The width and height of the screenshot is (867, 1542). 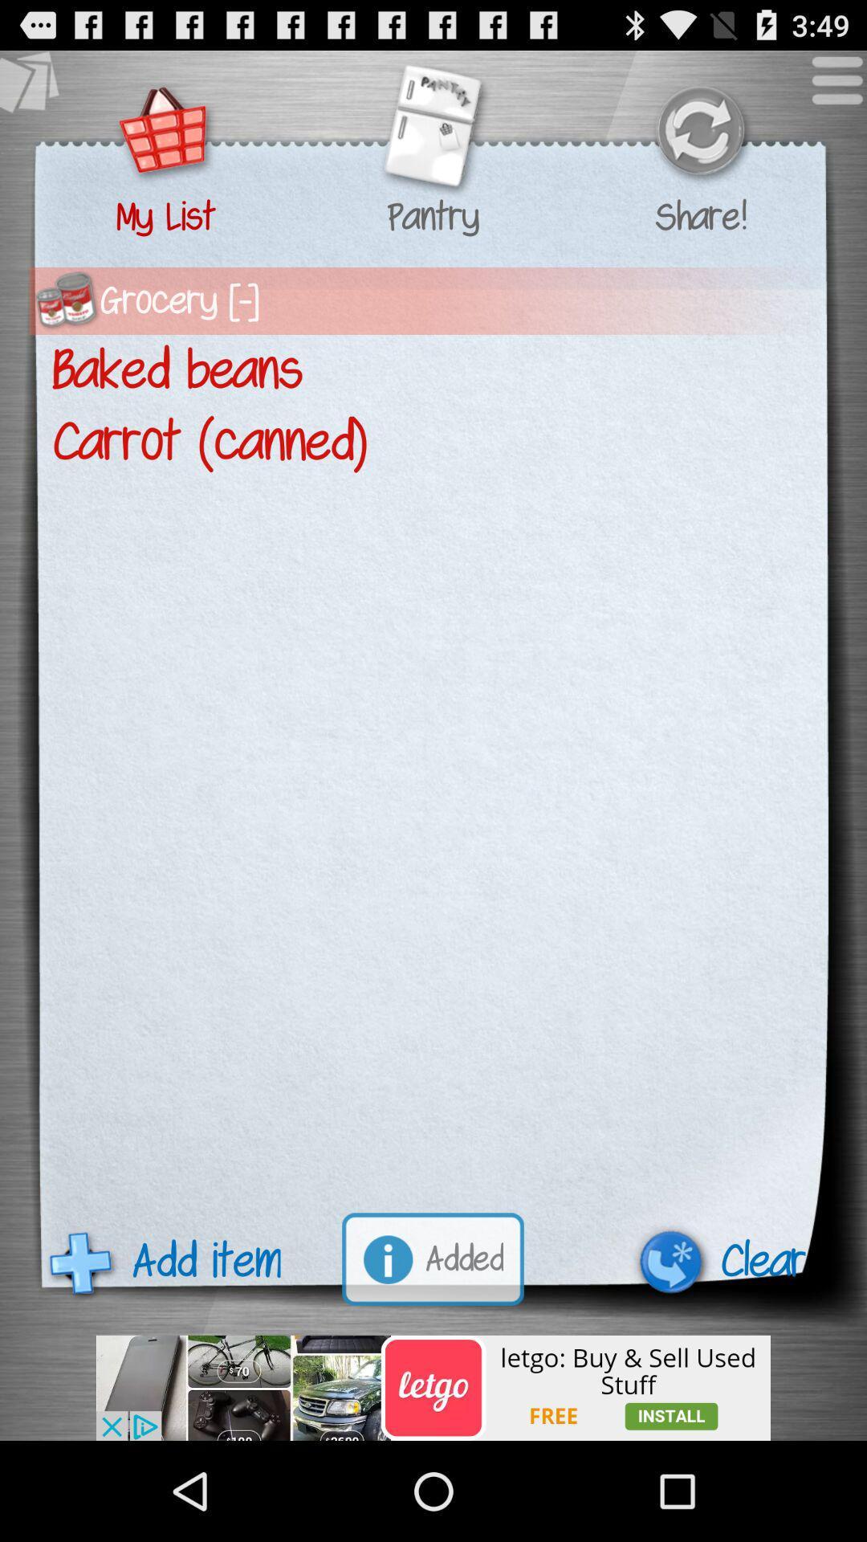 I want to click on share list, so click(x=699, y=133).